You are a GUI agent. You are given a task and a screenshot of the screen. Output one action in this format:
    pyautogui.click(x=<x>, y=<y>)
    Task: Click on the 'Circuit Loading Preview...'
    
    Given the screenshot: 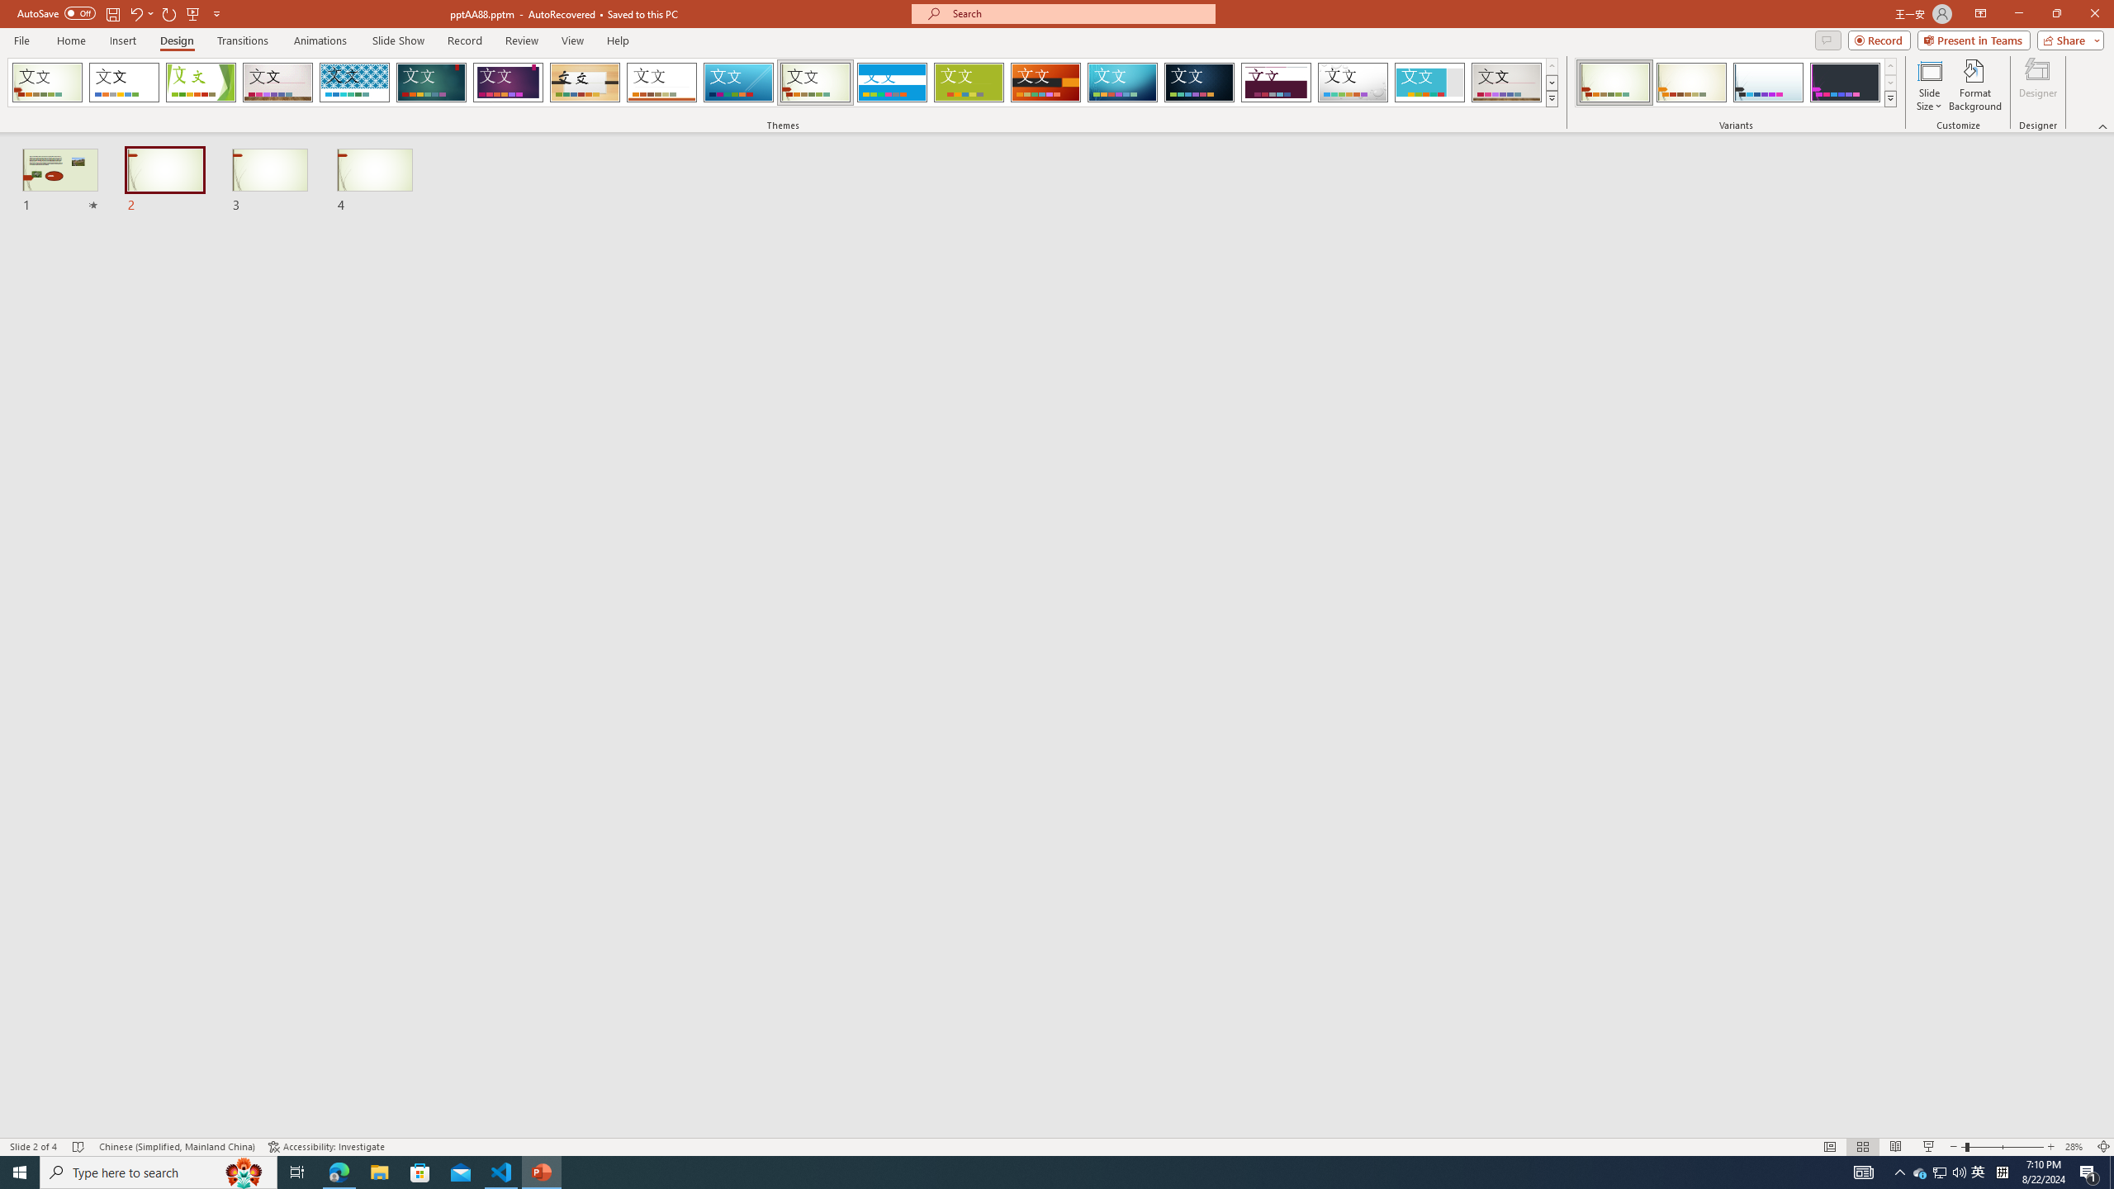 What is the action you would take?
    pyautogui.click(x=1121, y=82)
    